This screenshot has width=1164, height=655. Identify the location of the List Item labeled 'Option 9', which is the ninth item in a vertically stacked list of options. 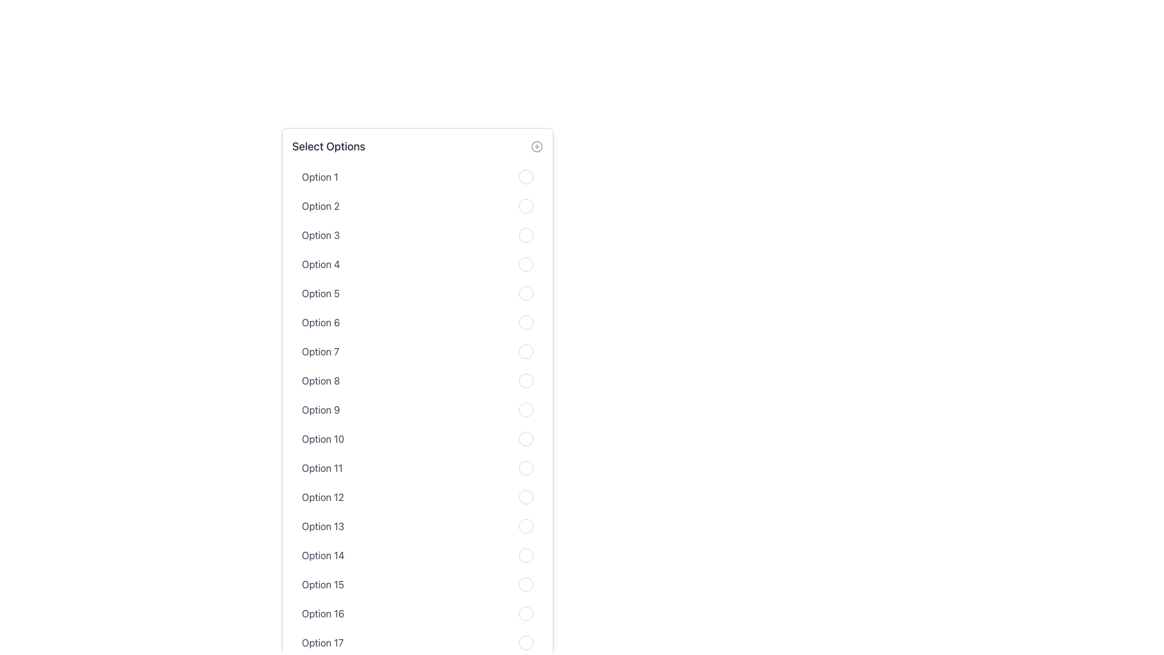
(418, 409).